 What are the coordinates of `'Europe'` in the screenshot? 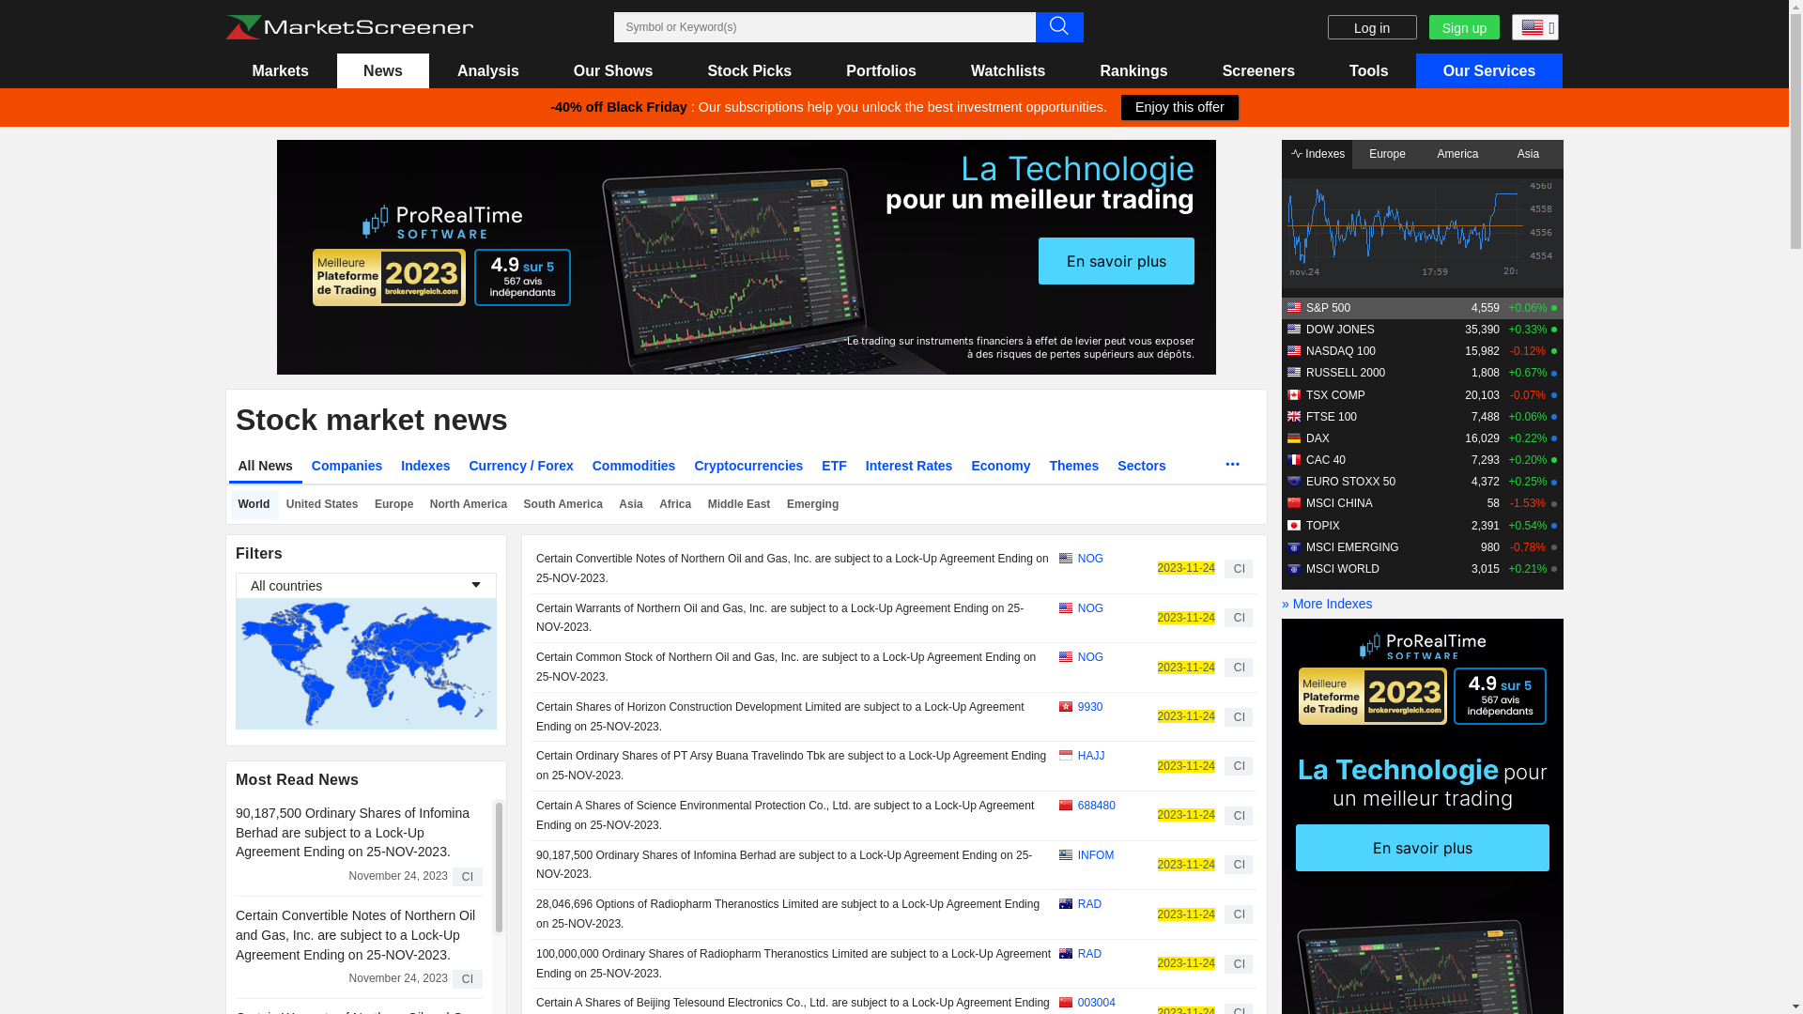 It's located at (1387, 153).